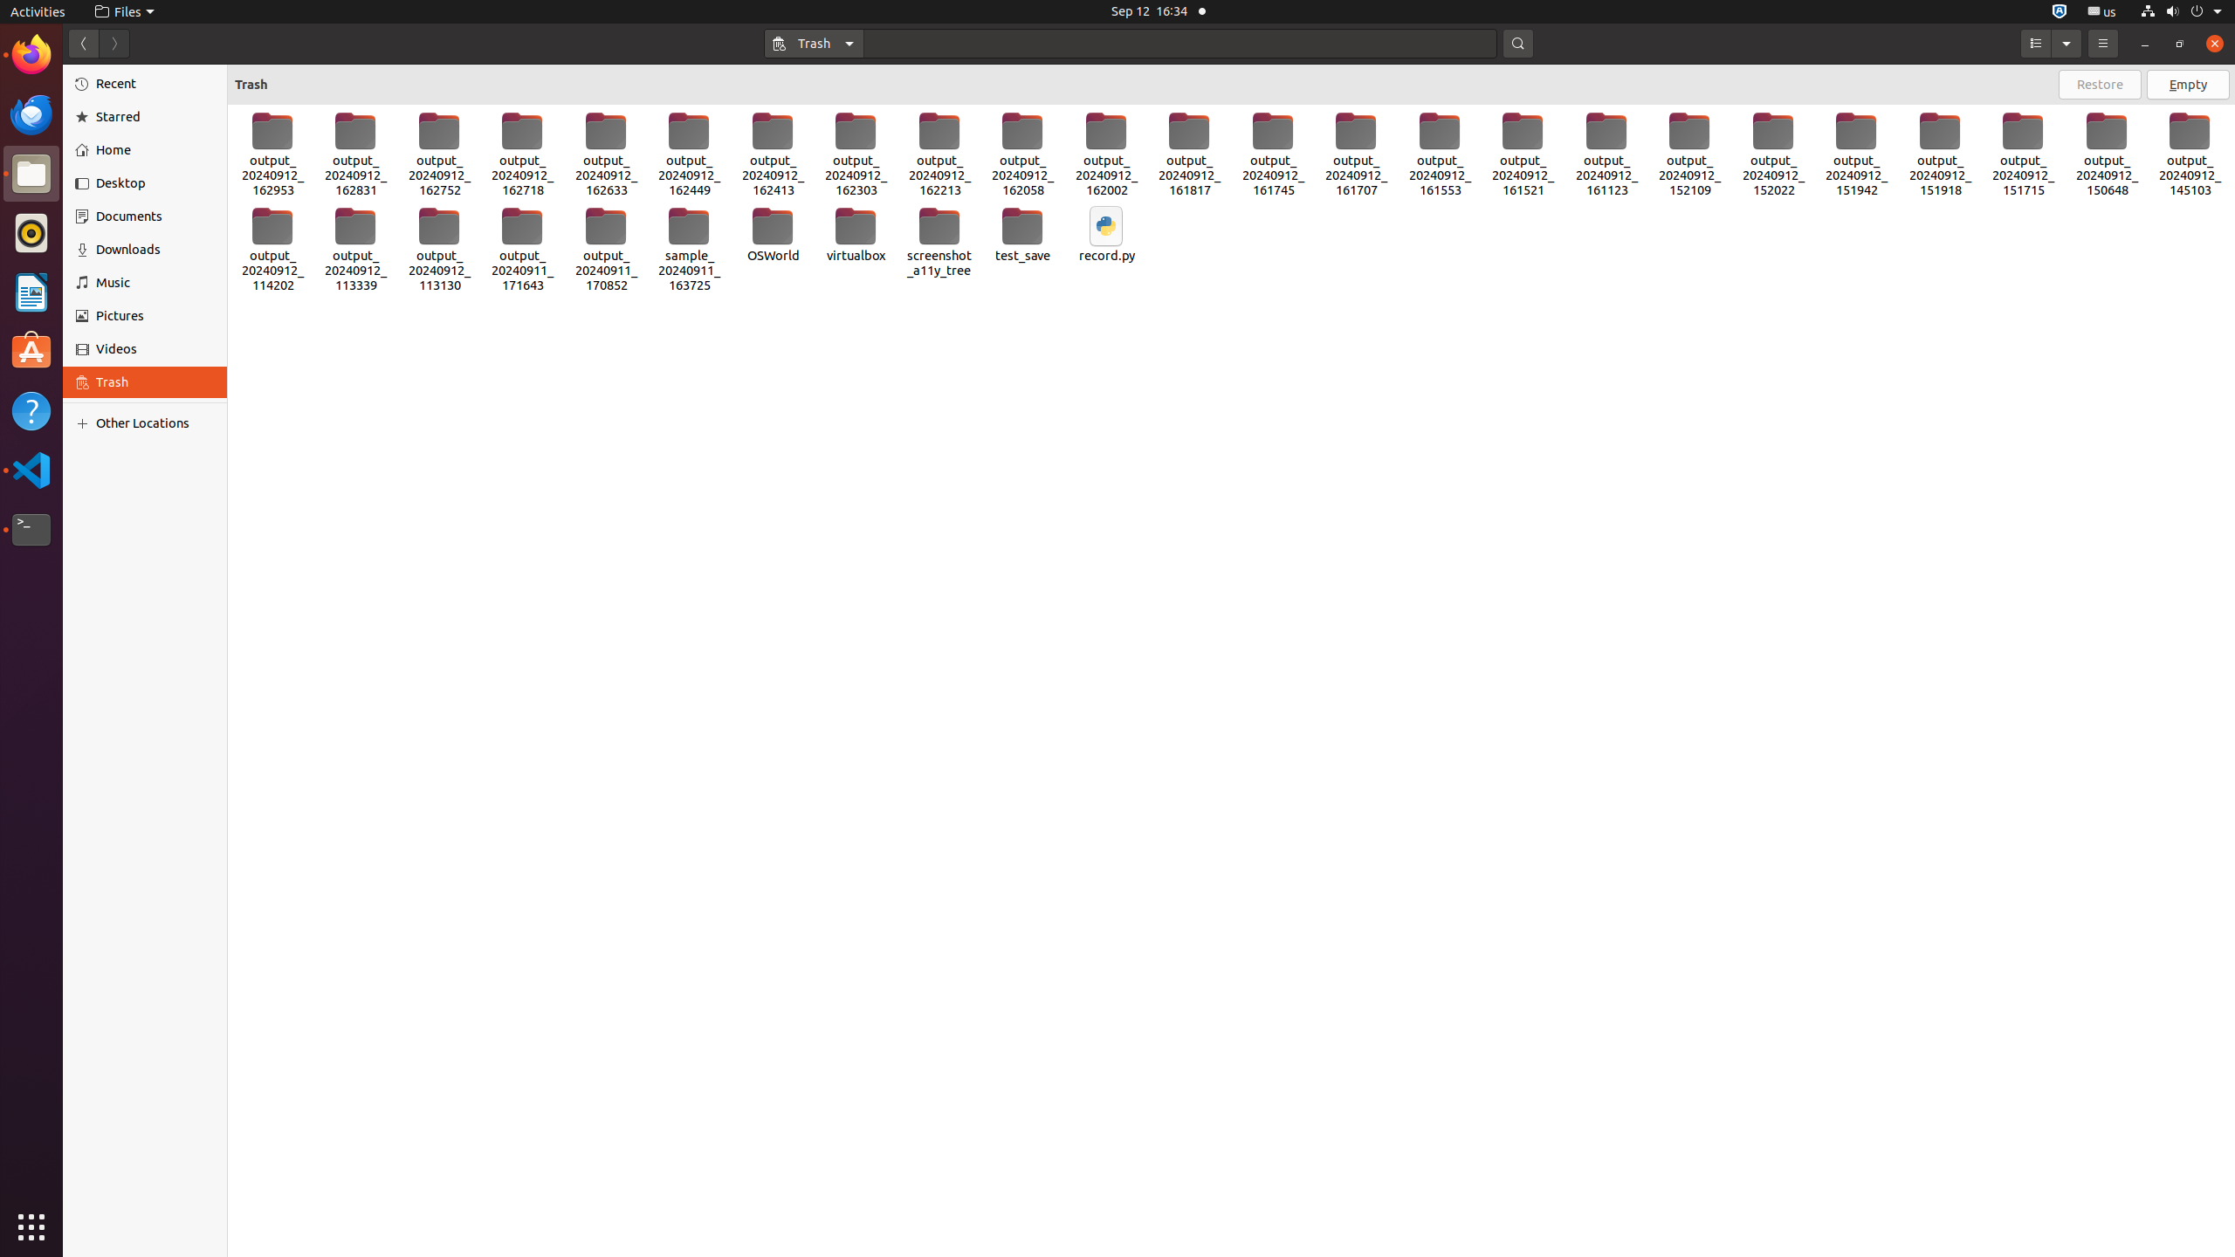 Image resolution: width=2235 pixels, height=1257 pixels. Describe the element at coordinates (31, 528) in the screenshot. I see `'Terminal'` at that location.